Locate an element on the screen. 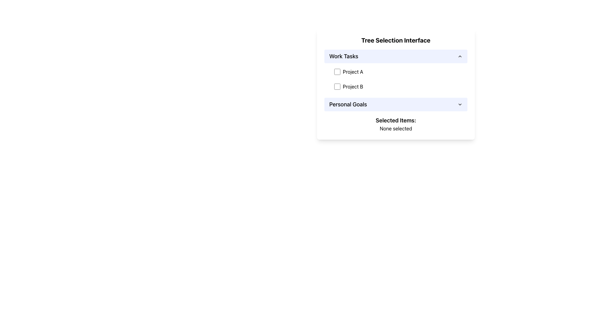 The width and height of the screenshot is (592, 333). the 'Work Tasks' static text label, which is a bold and large font text in a light blue rectangular area, located at the top-left of a list box interface is located at coordinates (343, 56).